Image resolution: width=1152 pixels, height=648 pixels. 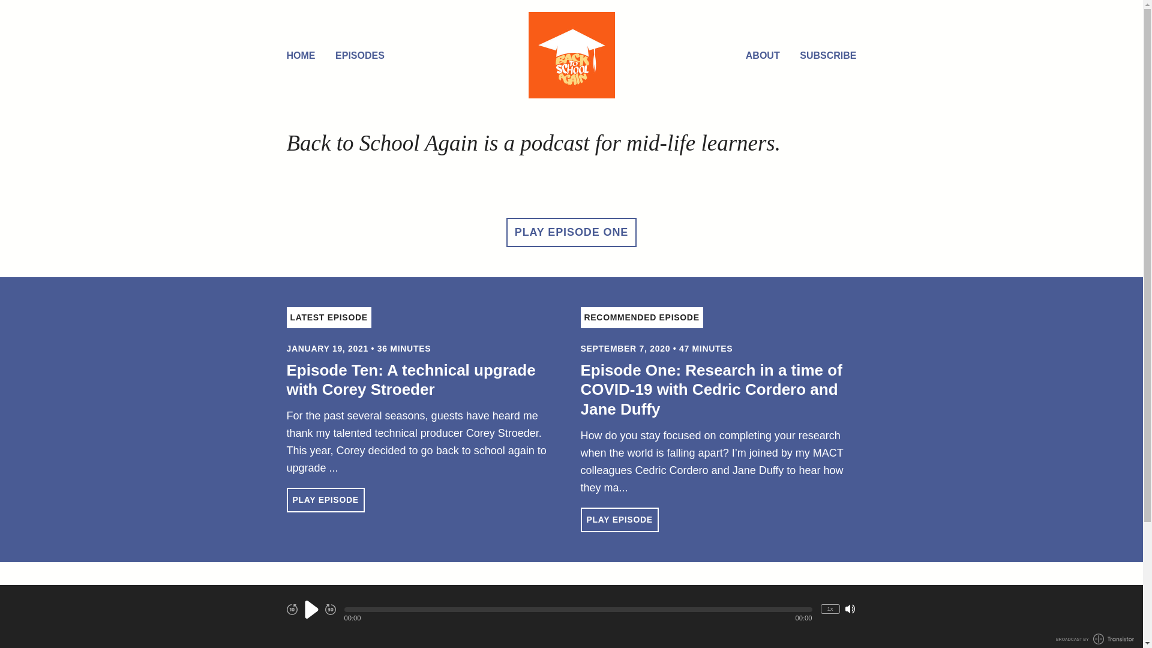 What do you see at coordinates (411, 380) in the screenshot?
I see `'Episode Ten: A technical upgrade with Corey Stroeder'` at bounding box center [411, 380].